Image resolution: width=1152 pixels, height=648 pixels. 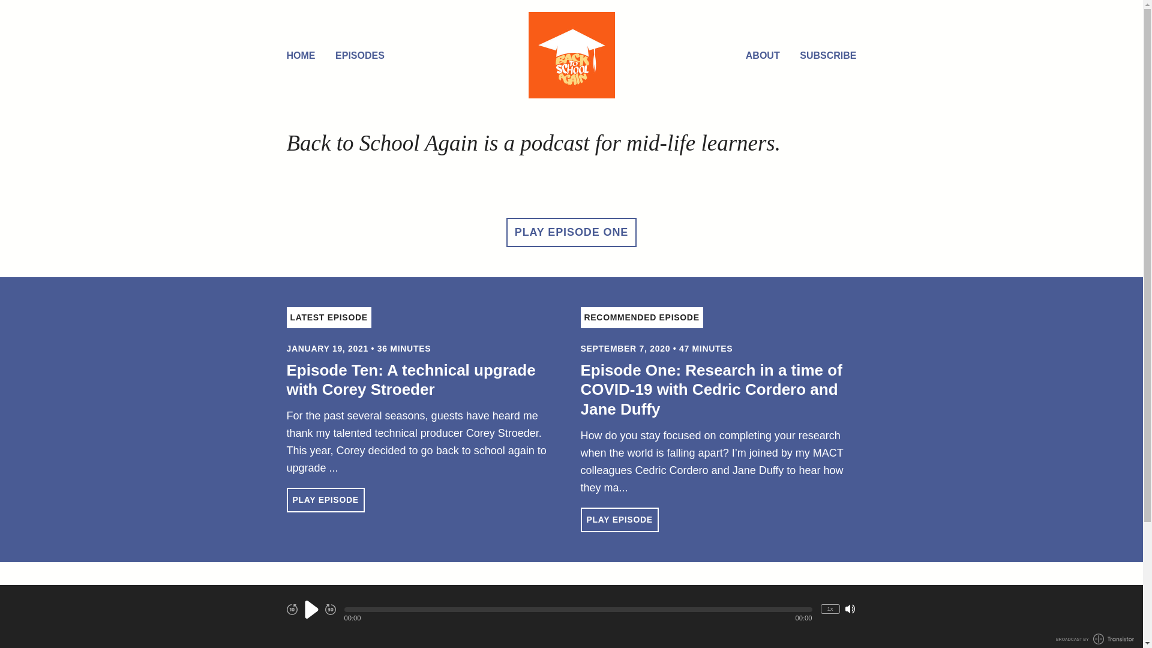 What do you see at coordinates (411, 380) in the screenshot?
I see `'Episode Ten: A technical upgrade with Corey Stroeder'` at bounding box center [411, 380].